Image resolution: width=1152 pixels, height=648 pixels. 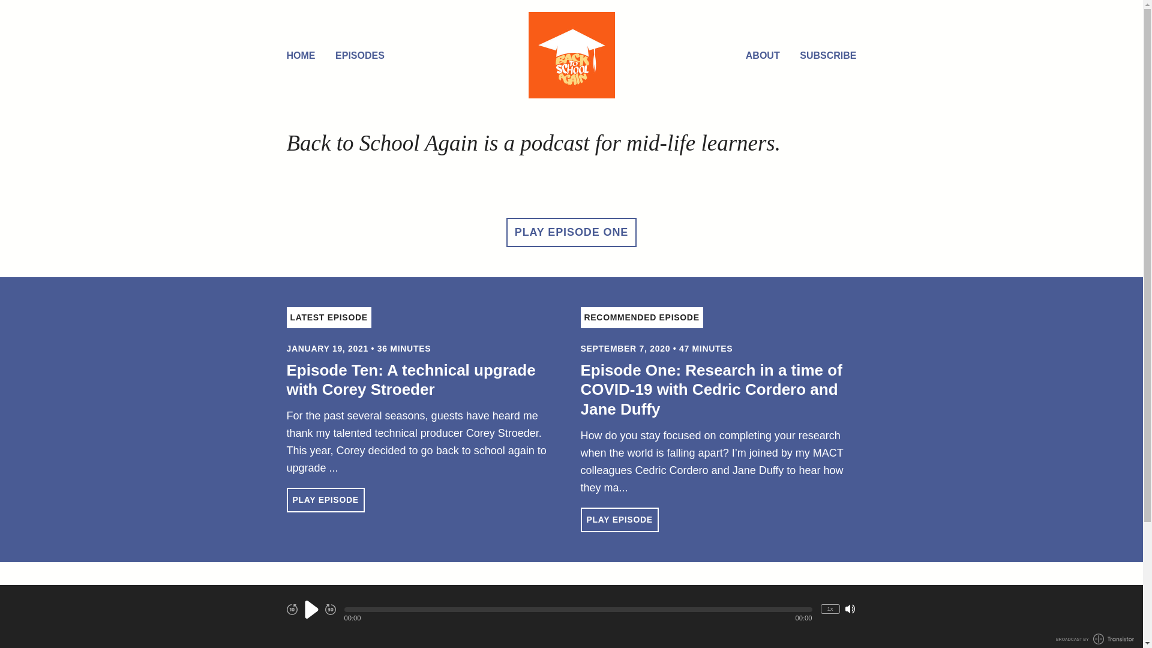 What do you see at coordinates (411, 380) in the screenshot?
I see `'Episode Ten: A technical upgrade with Corey Stroeder'` at bounding box center [411, 380].